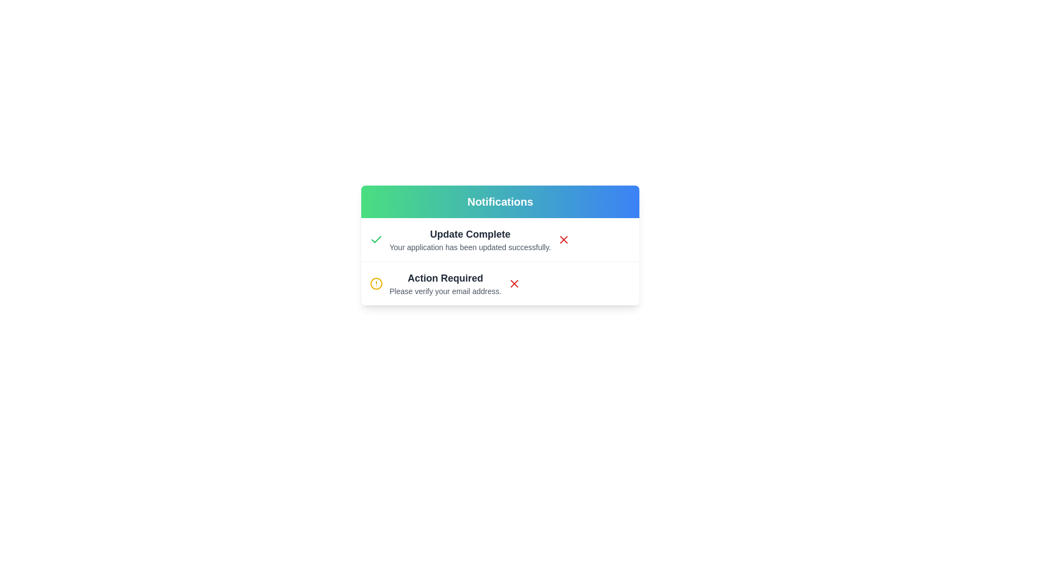 The width and height of the screenshot is (1043, 586). What do you see at coordinates (470, 234) in the screenshot?
I see `text from the bold 'Update Complete' label located at the upper section of the notification card, positioned directly below the 'Notifications' header` at bounding box center [470, 234].